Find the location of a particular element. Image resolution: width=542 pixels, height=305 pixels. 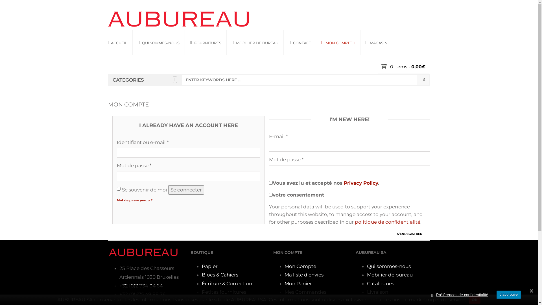

'Privacy Policy' is located at coordinates (360, 183).